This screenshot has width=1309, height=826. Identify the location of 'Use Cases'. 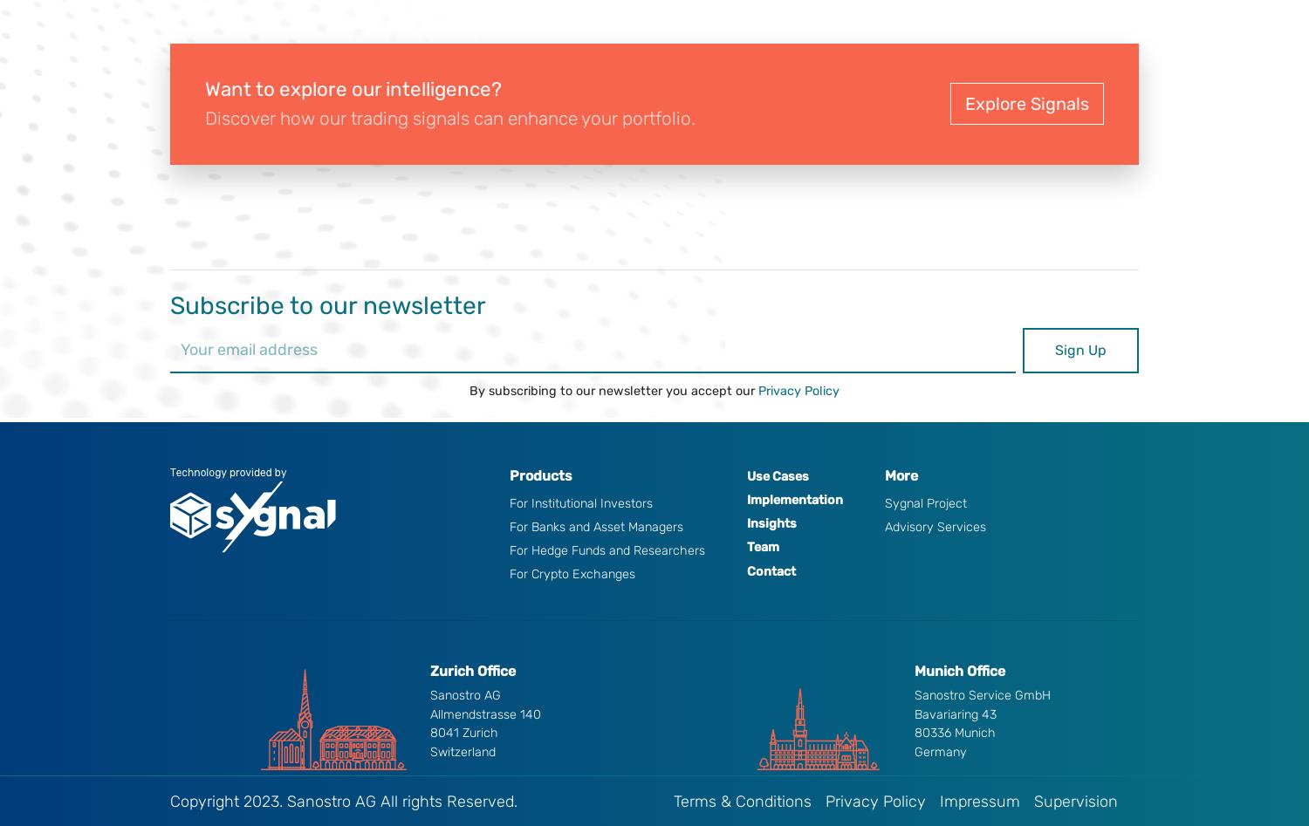
(777, 474).